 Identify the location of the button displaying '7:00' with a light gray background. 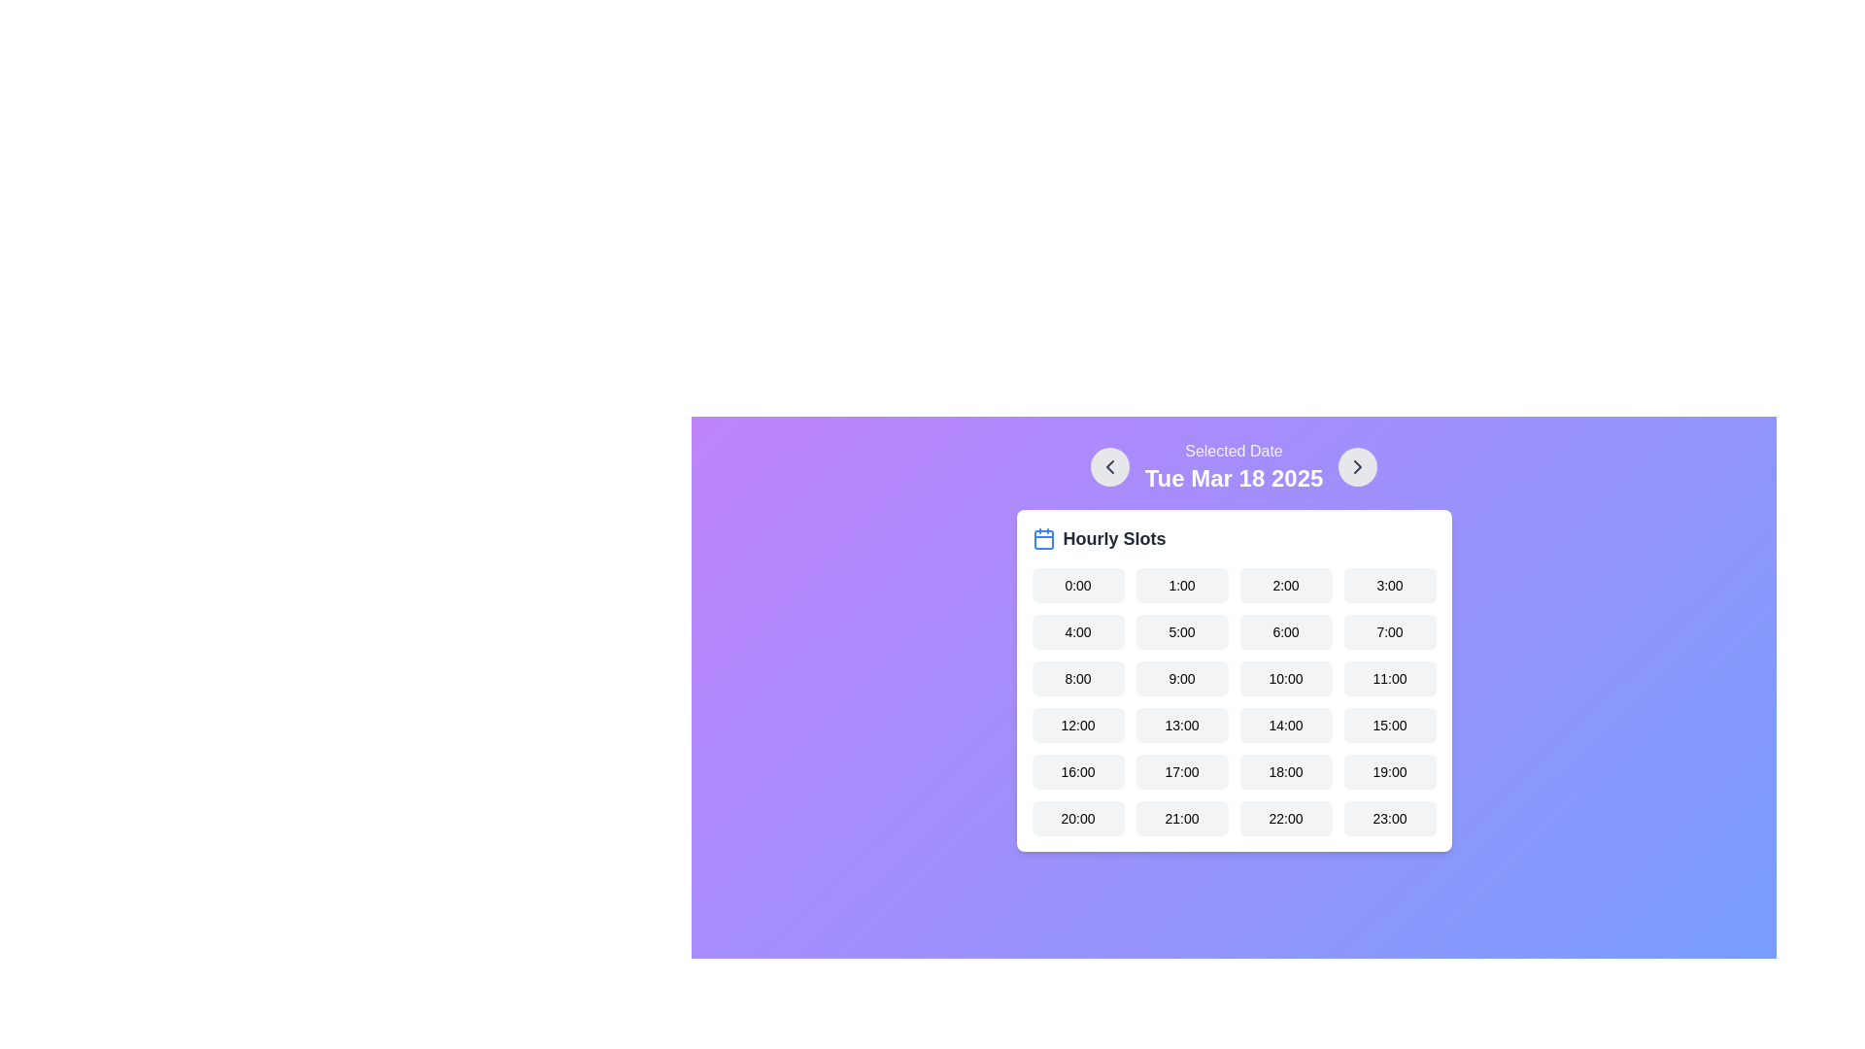
(1388, 632).